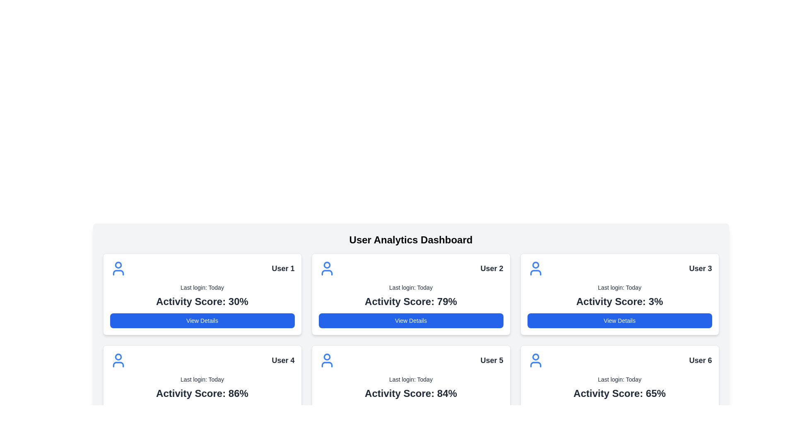  What do you see at coordinates (535, 356) in the screenshot?
I see `the circular graphical element filled with a solid color that is part of the user icon on the profile card labeled 'User 6' located in the second row, third column of the dashboard` at bounding box center [535, 356].